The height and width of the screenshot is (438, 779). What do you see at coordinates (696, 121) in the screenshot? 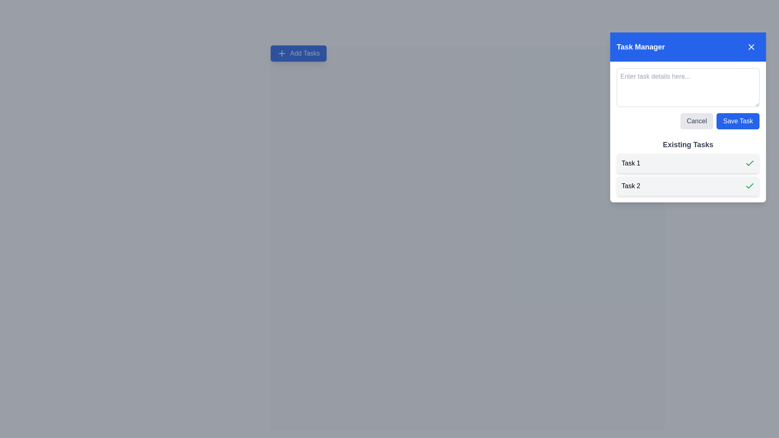
I see `the 'Cancel' button located in the bottom-right section of the 'Task Manager' modal` at bounding box center [696, 121].